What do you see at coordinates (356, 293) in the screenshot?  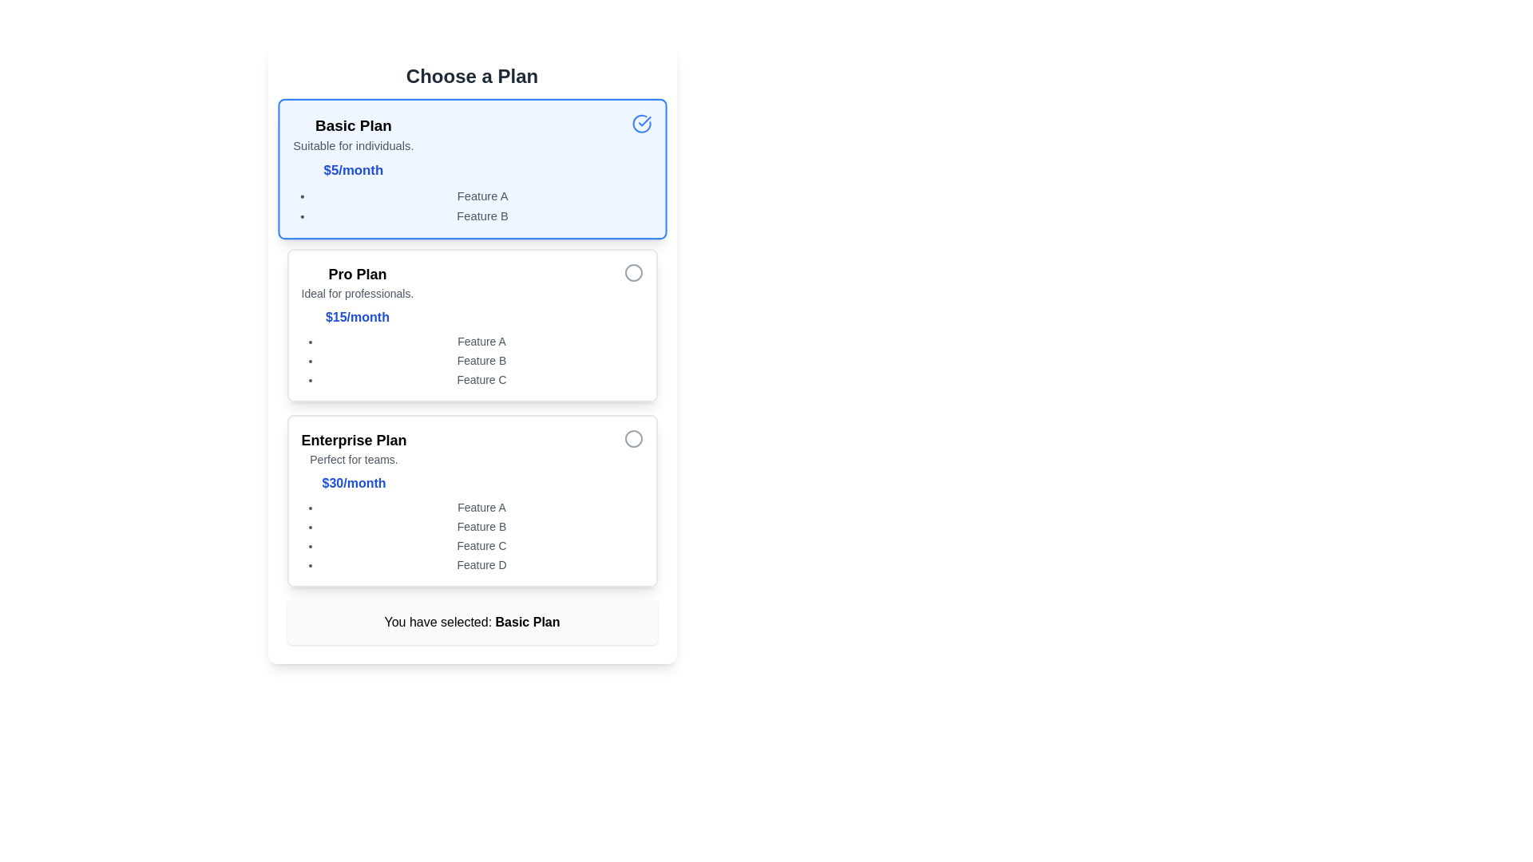 I see `the static text that provides a brief description of the target audience or purpose for the corresponding plan, located between the 'Pro Plan' title and the price text ('$15/month')` at bounding box center [356, 293].